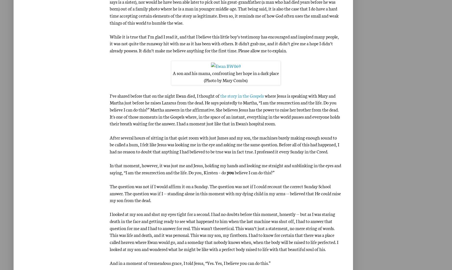 Image resolution: width=452 pixels, height=270 pixels. What do you see at coordinates (109, 43) in the screenshot?
I see `'While it is true that I’m glad I read it, and that I believe this little boy’s testimony has encouraged and inspired many people, it was not quite the runaway hit with me as it has been with others. It didn't grab me, and it didn’t give me a hope I didn’t already possess. It didn’t make me believe anything for the first time. Please allow me to explain.'` at bounding box center [109, 43].